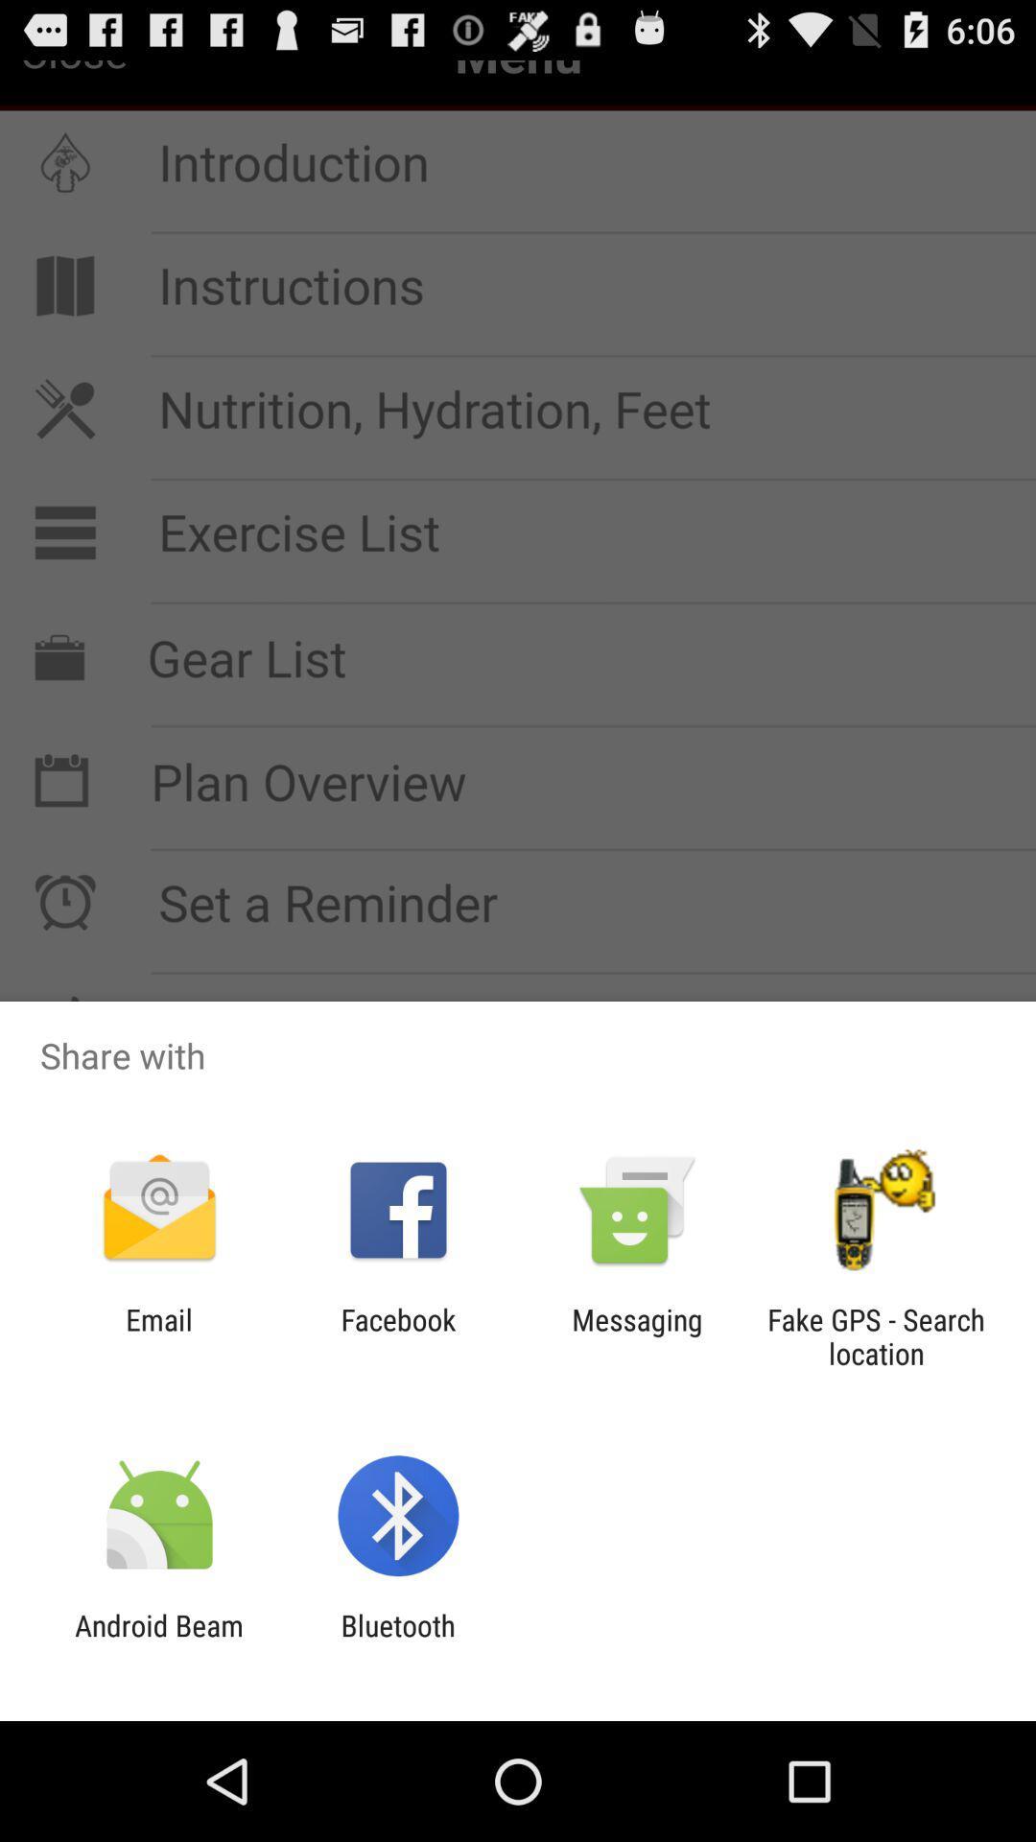 This screenshot has width=1036, height=1842. Describe the element at coordinates (397, 1335) in the screenshot. I see `facebook item` at that location.